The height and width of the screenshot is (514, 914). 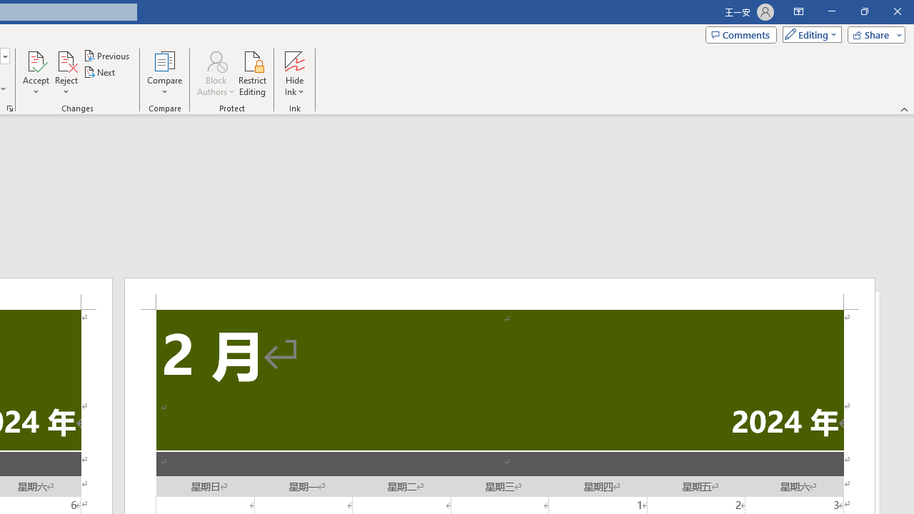 What do you see at coordinates (293, 60) in the screenshot?
I see `'Hide Ink'` at bounding box center [293, 60].